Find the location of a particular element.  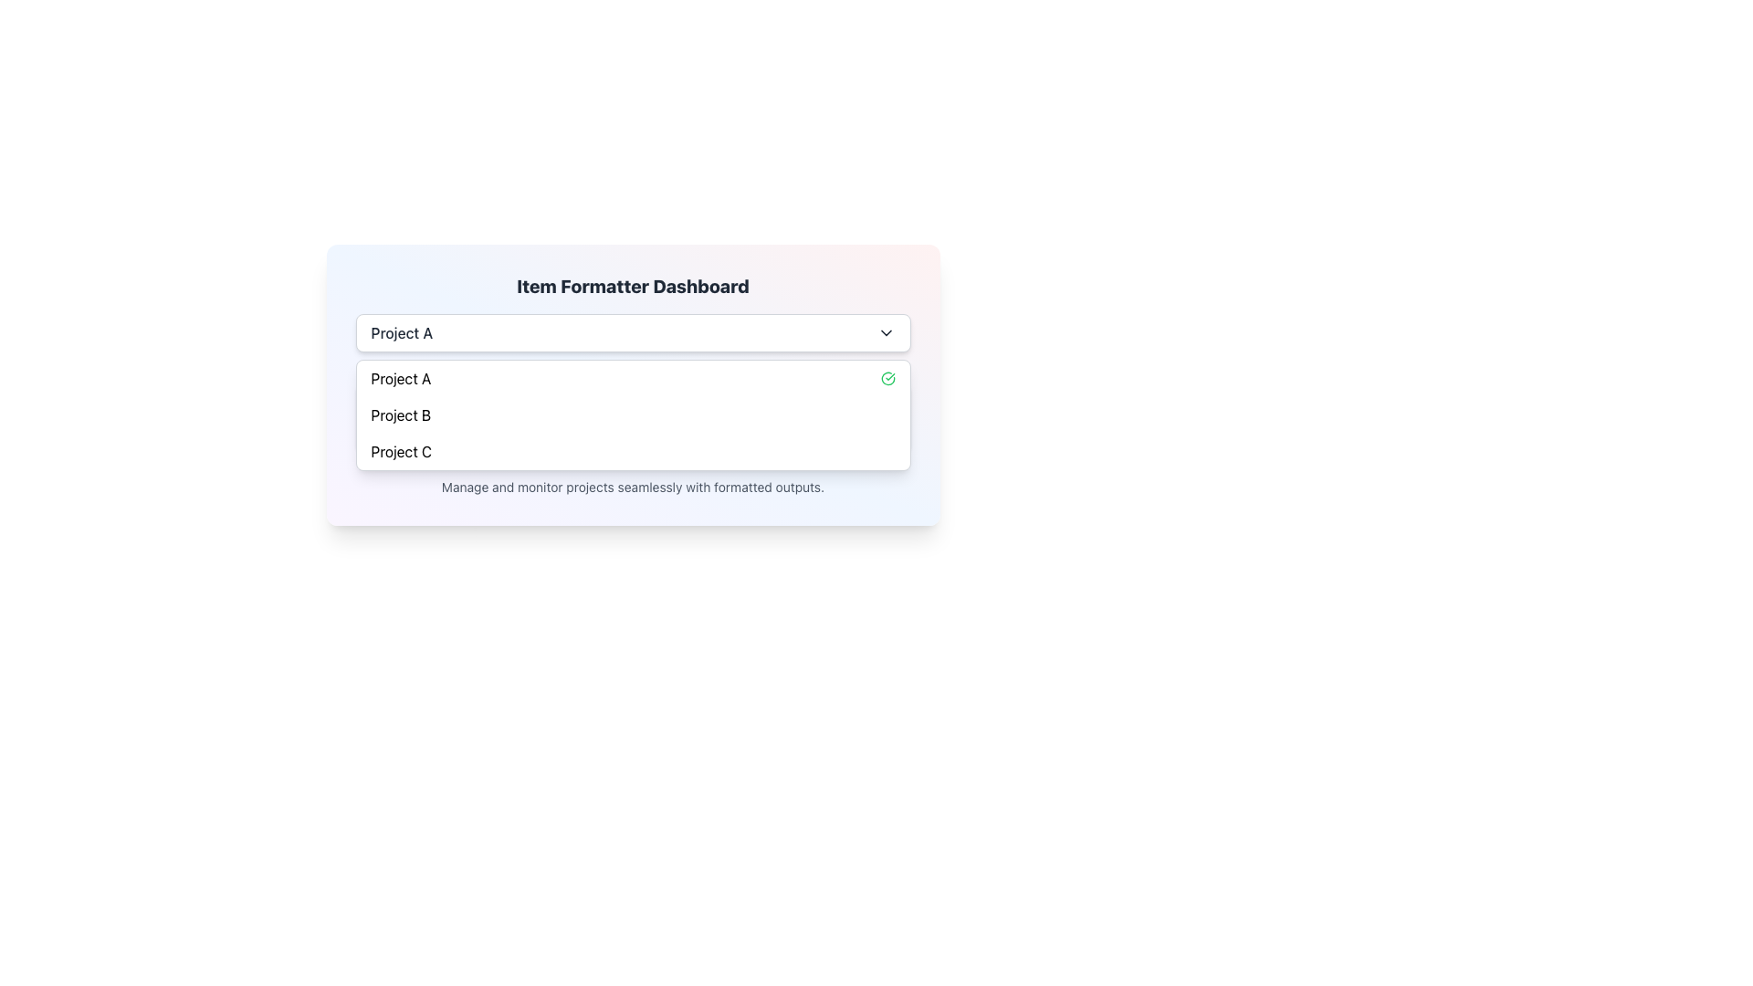

the first item in the dropdown list for 'Project A' is located at coordinates (633, 378).